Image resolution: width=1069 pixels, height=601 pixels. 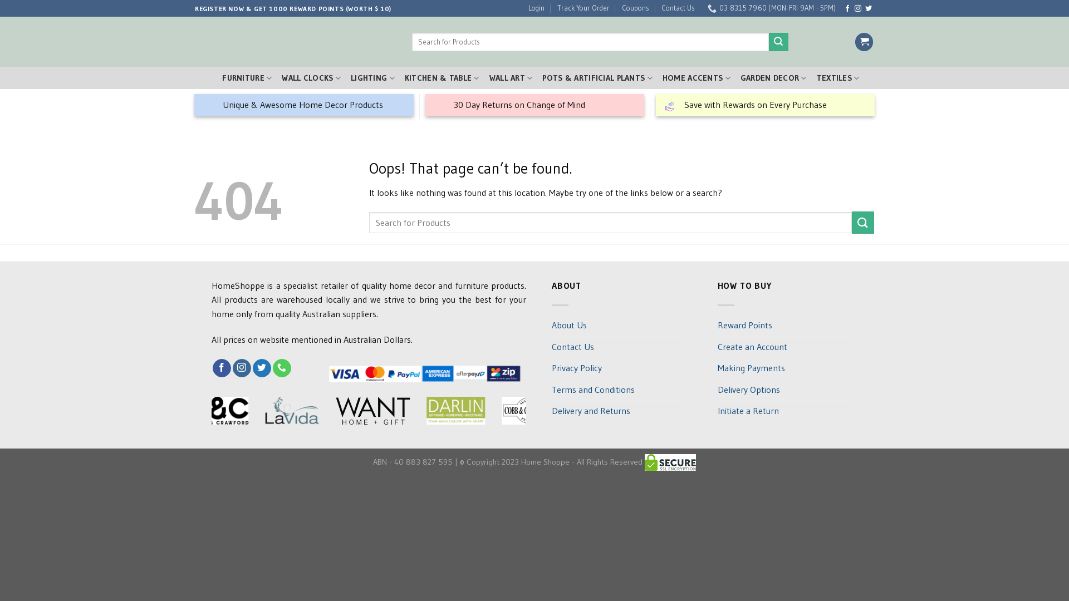 What do you see at coordinates (282, 368) in the screenshot?
I see `'Call us'` at bounding box center [282, 368].